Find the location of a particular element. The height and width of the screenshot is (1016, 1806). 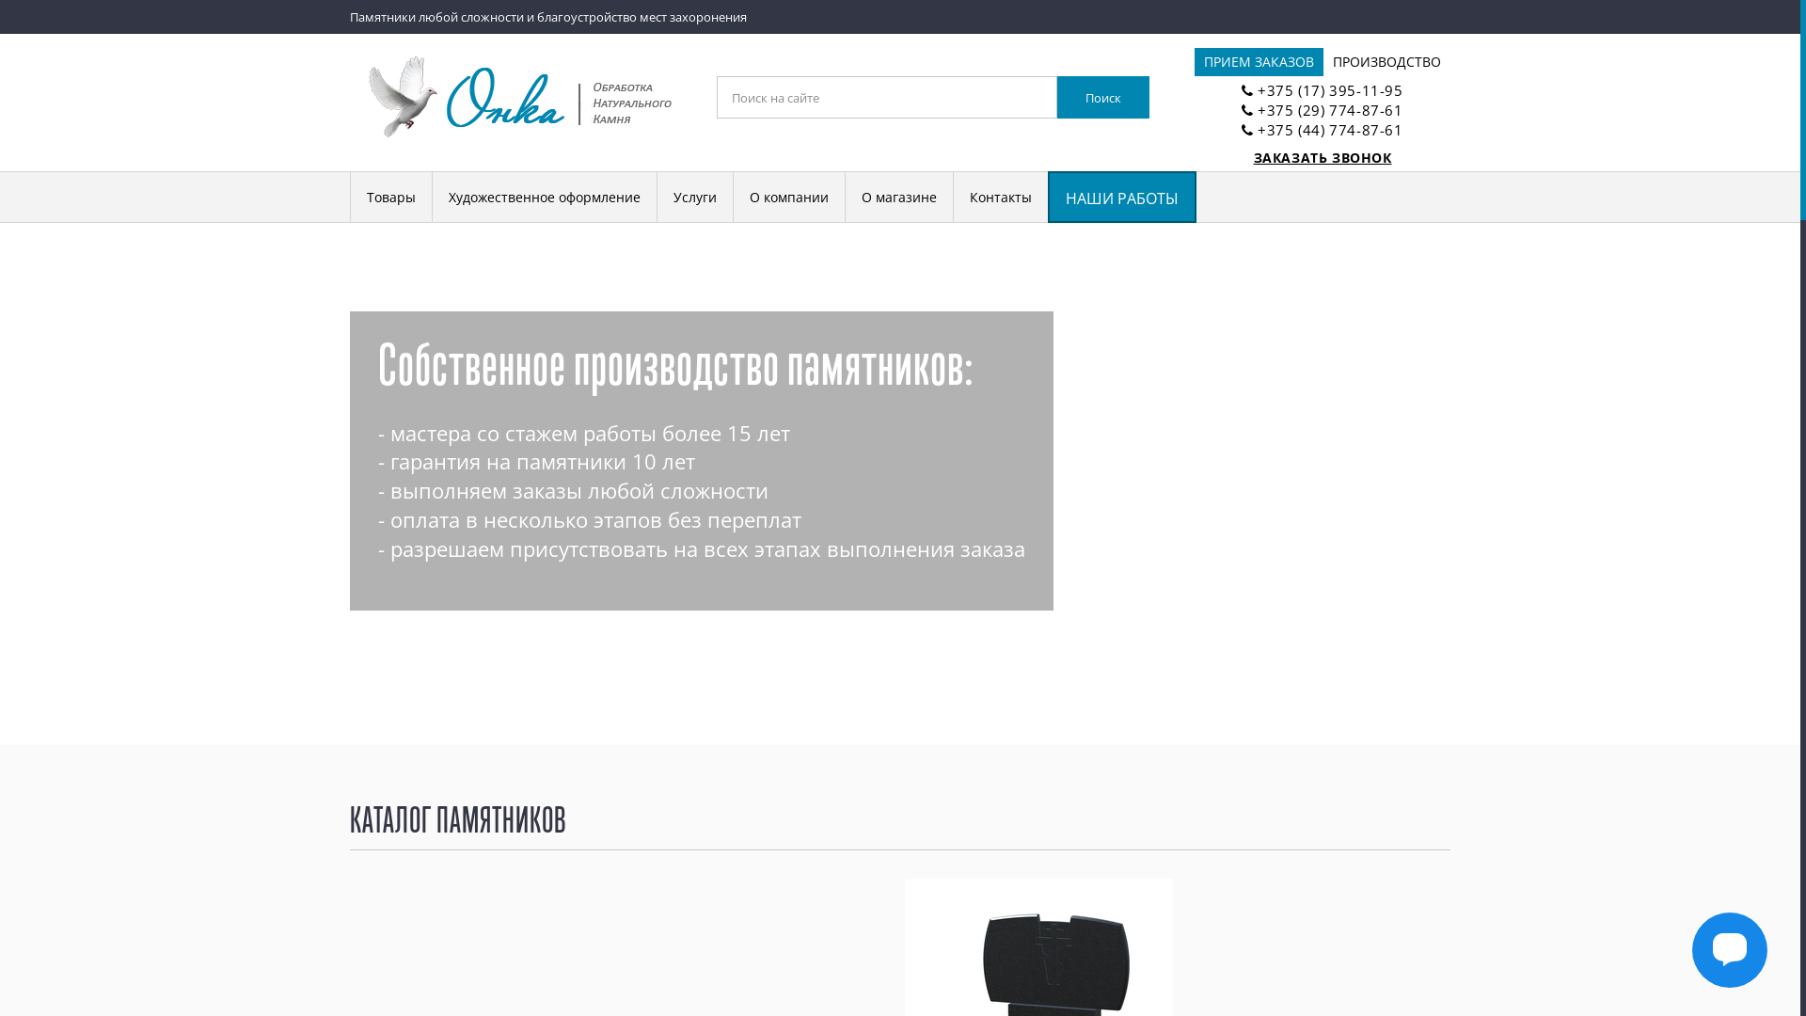

'+375 (17) 395-11-95' is located at coordinates (1329, 90).